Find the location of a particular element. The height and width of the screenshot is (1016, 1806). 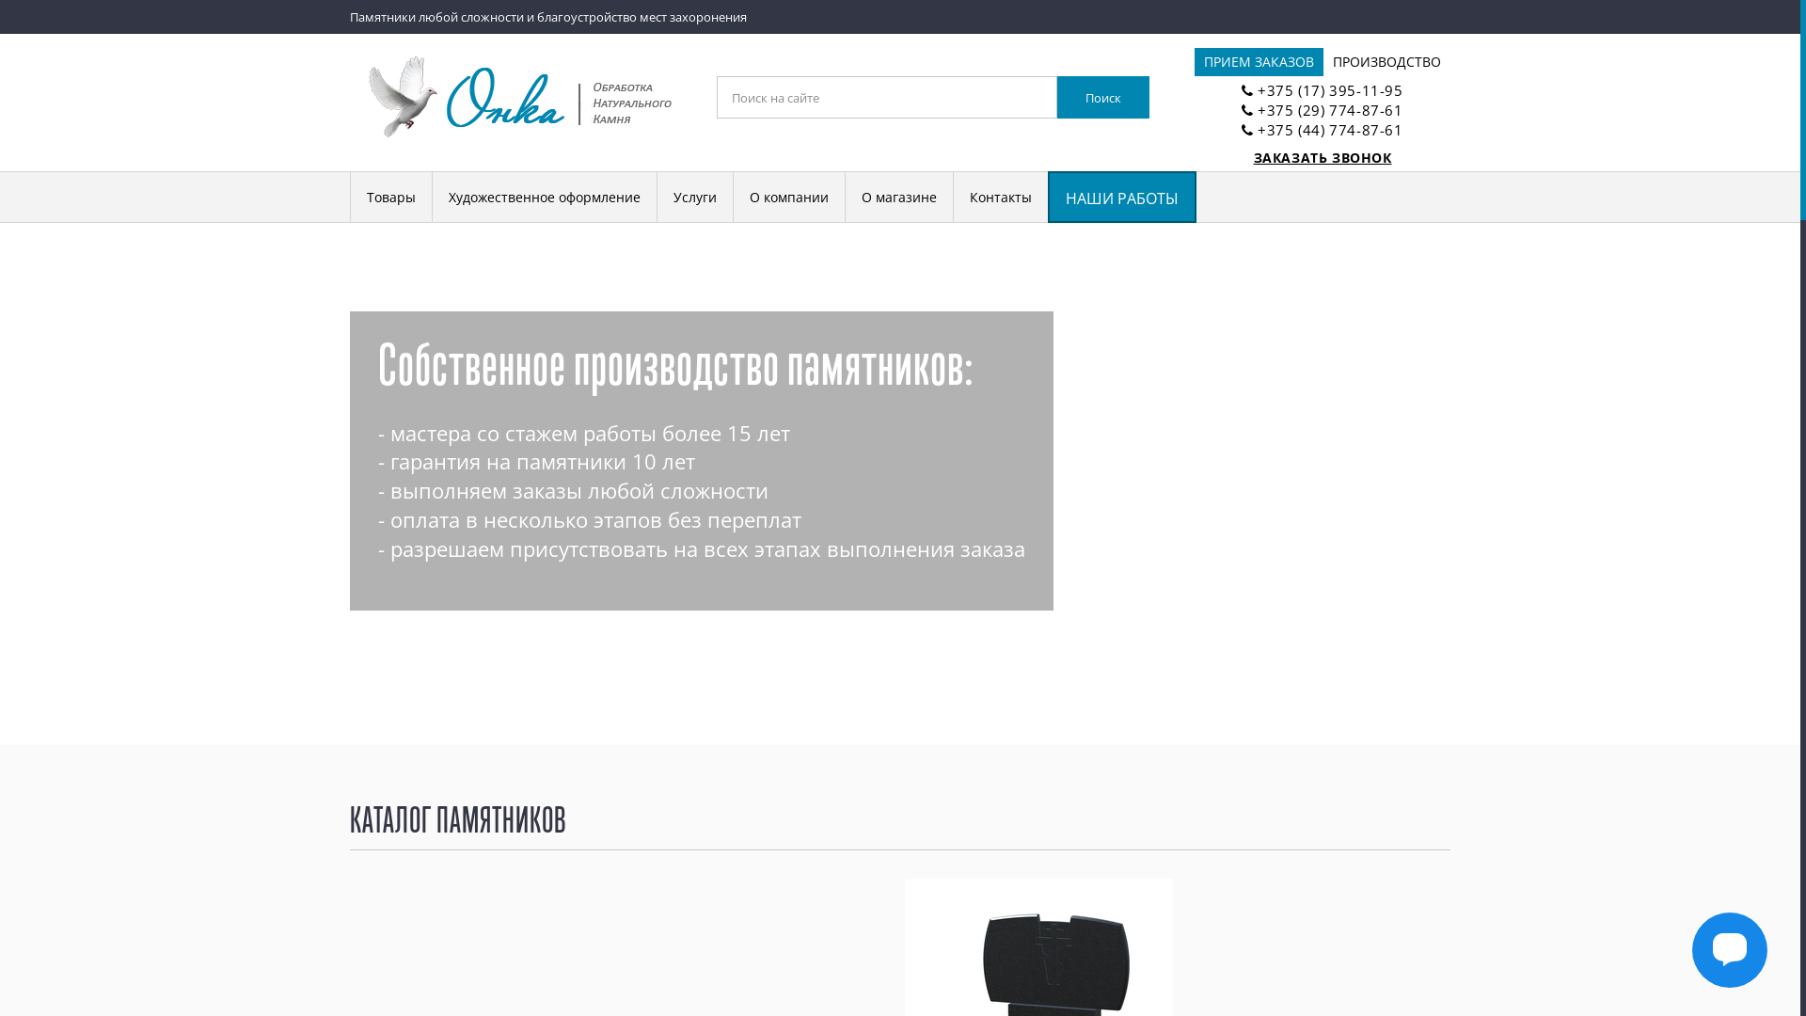

'+375 (17) 395-11-95' is located at coordinates (1329, 90).